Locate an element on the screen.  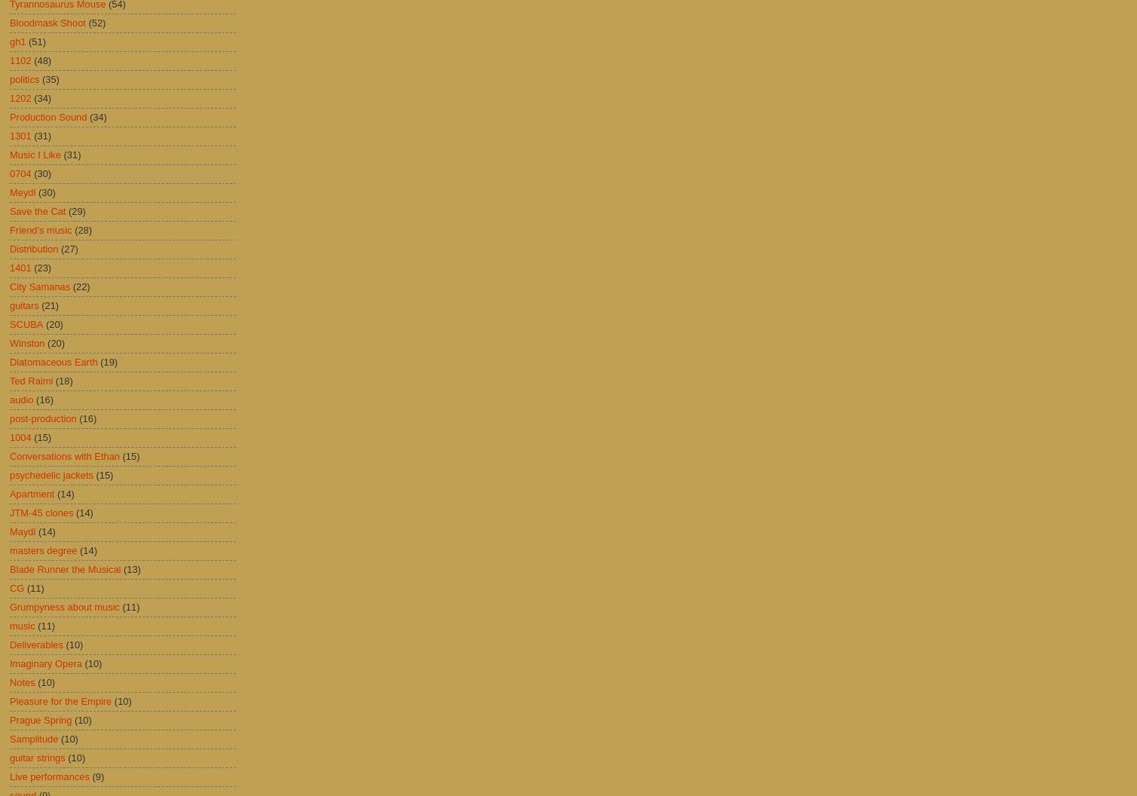
'Imaginary Opera' is located at coordinates (45, 663).